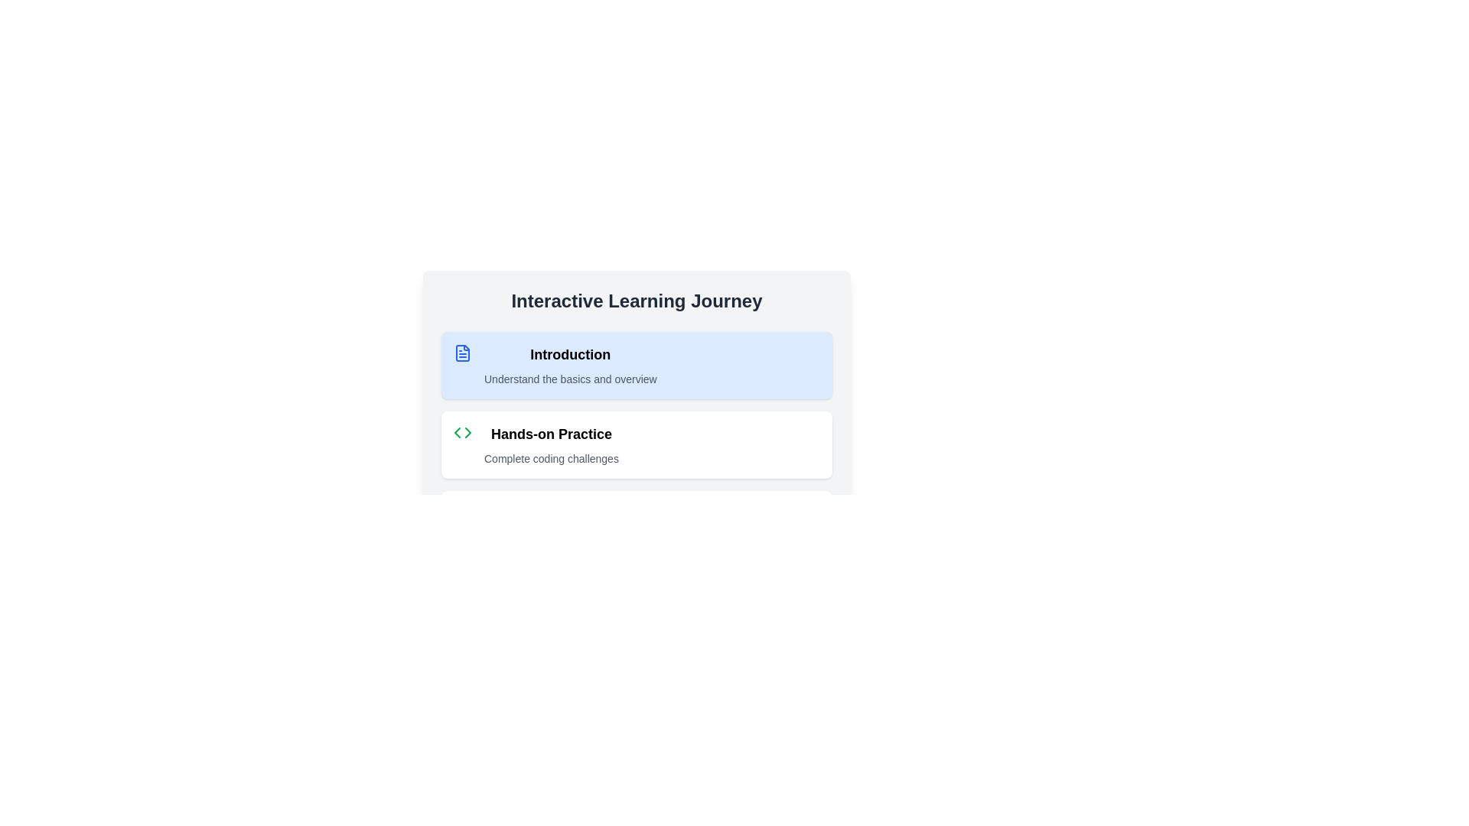 The image size is (1469, 826). I want to click on the topmost card in the vertical stack under the title 'Interactive Learning Journey', so click(637, 366).